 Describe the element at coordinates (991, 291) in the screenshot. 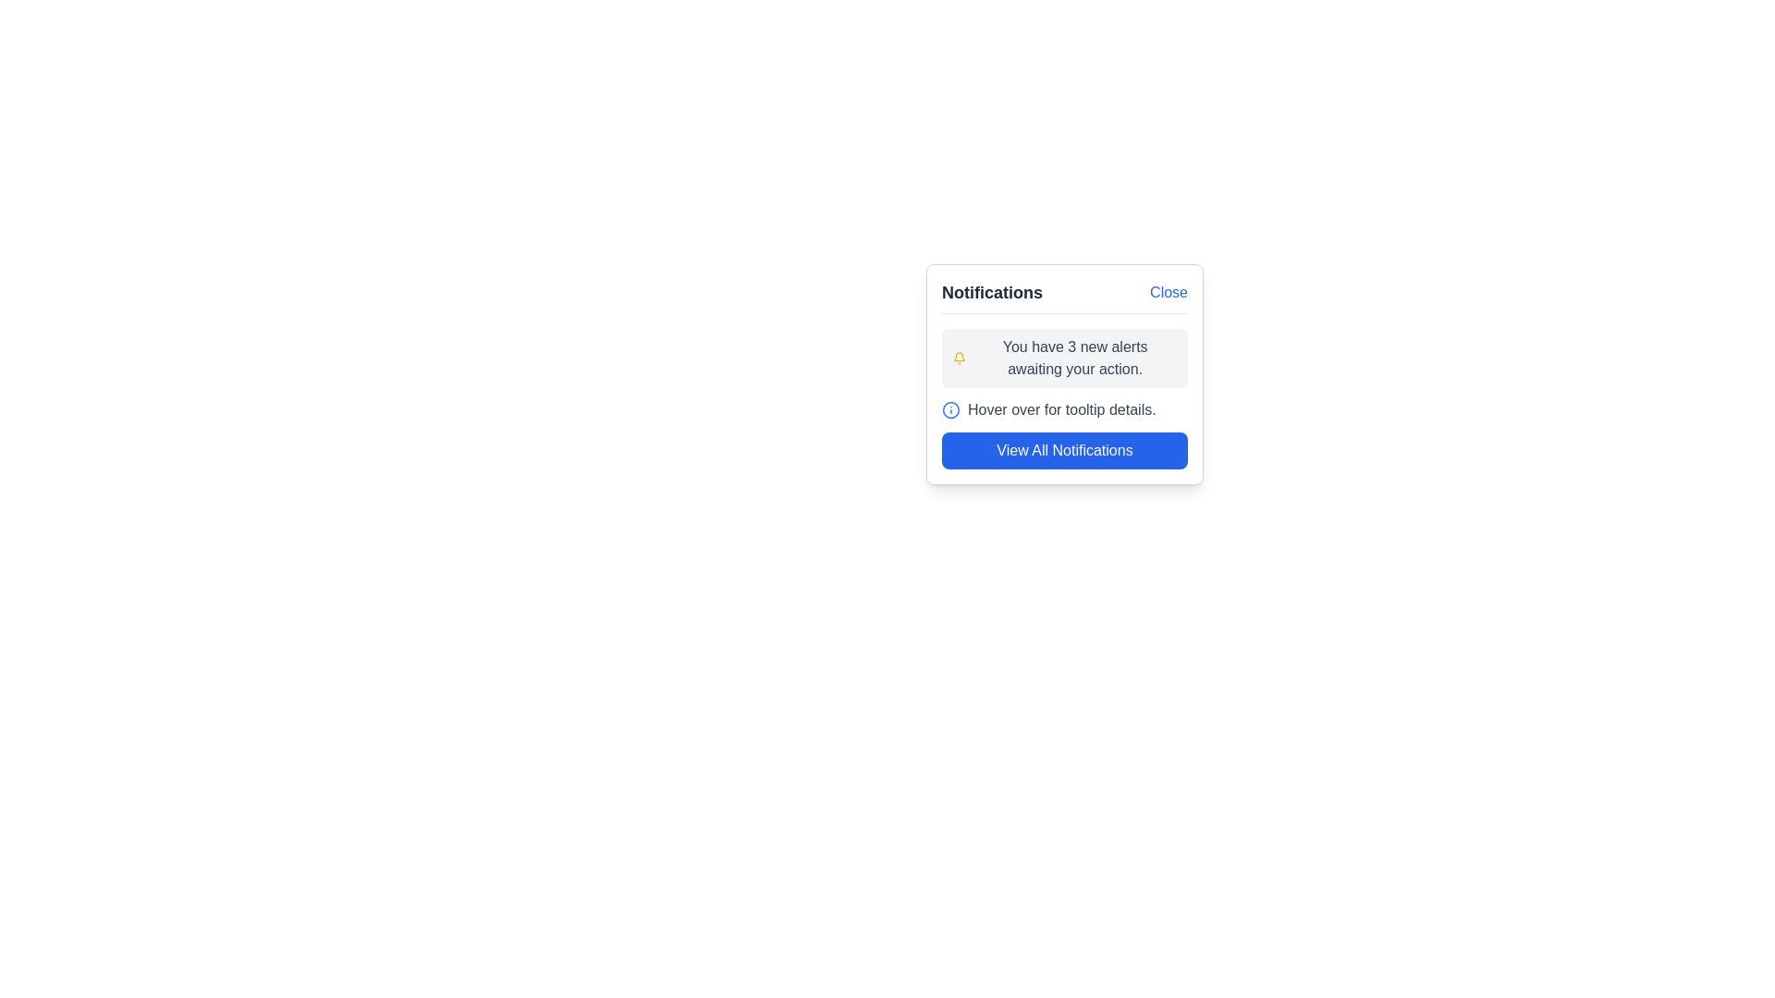

I see `the 'Notifications' static text label, which is styled with a bold, large font and dark gray color, located at the top-left corner of the notification interface` at that location.